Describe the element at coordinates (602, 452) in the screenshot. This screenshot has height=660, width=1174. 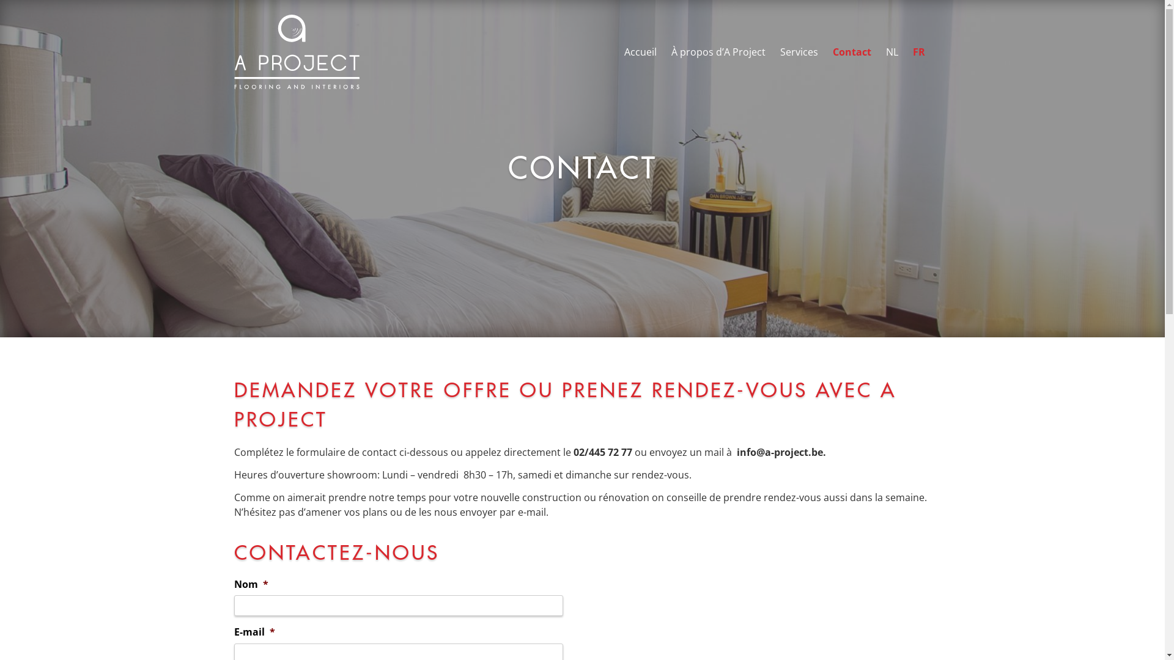
I see `'02/445 72 77'` at that location.